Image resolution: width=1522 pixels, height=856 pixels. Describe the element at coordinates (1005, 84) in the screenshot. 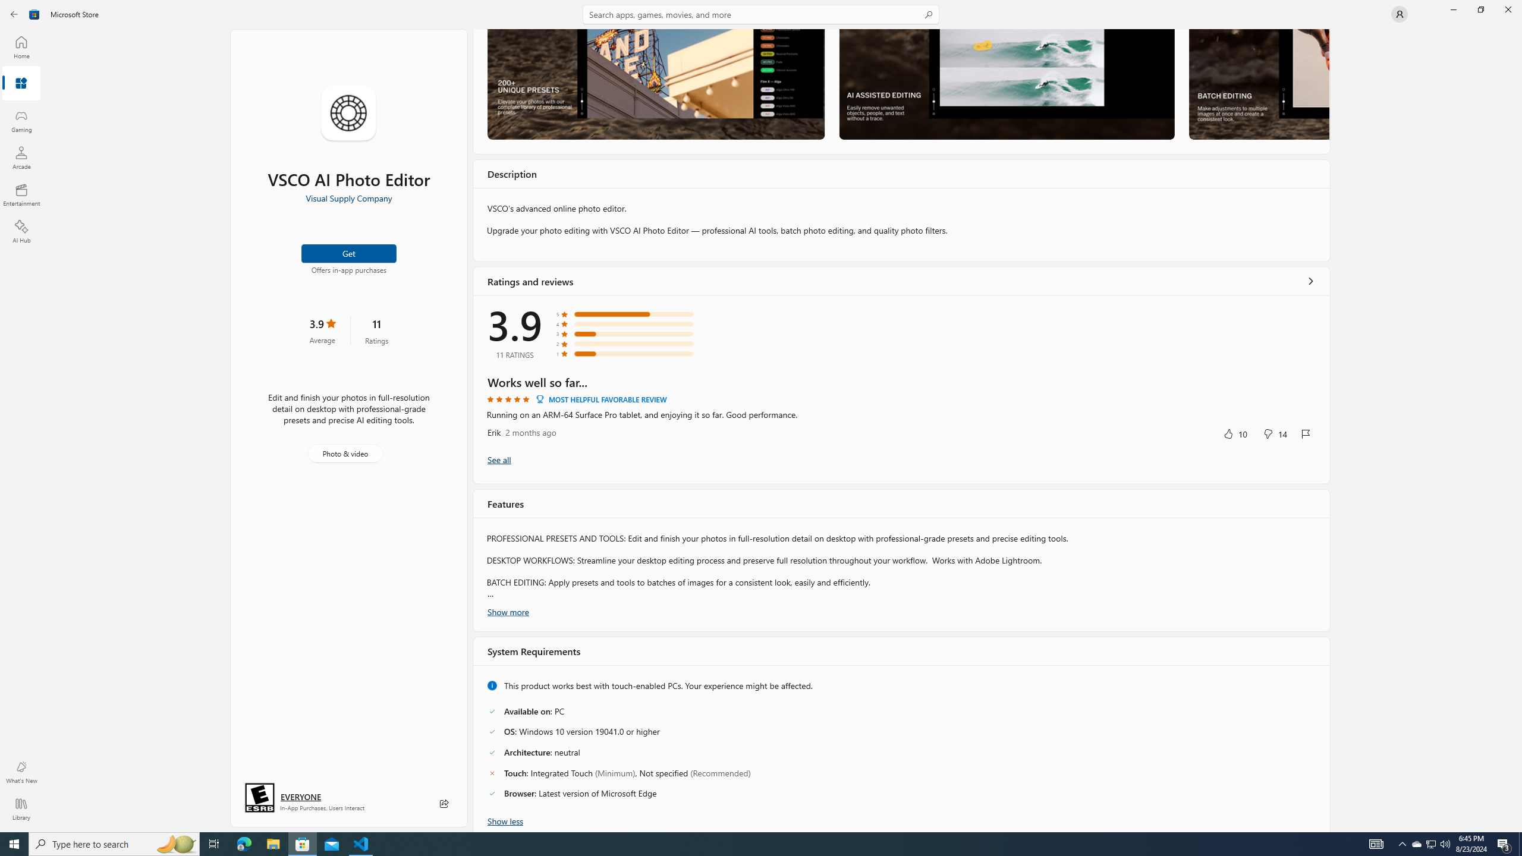

I see `'Screenshot 2'` at that location.